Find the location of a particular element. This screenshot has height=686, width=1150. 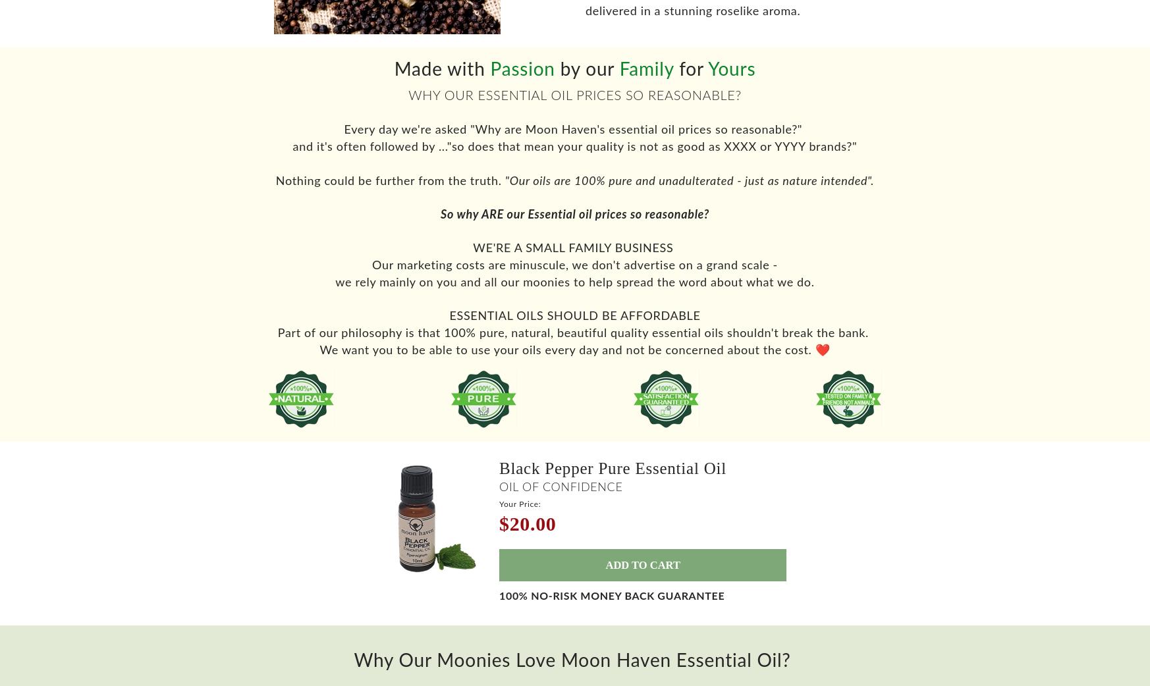

'Every day we're asked "Why are Moon Haven's essential oil prices so reasonable?"' is located at coordinates (574, 137).